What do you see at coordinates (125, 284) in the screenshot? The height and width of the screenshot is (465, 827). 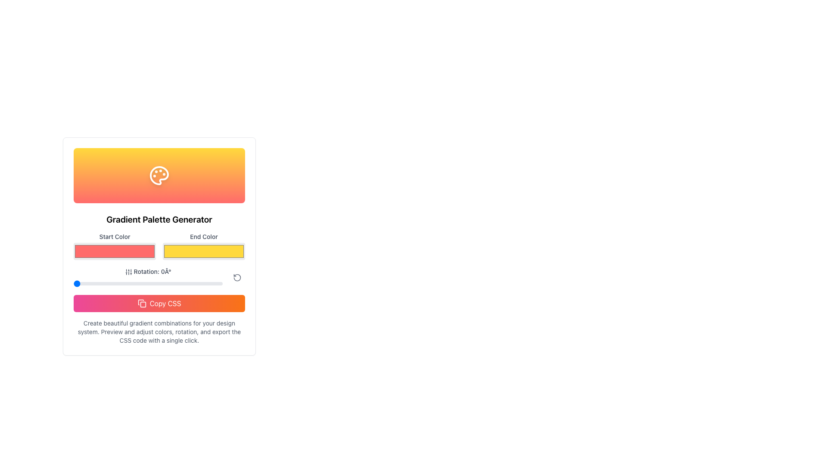 I see `the rotation` at bounding box center [125, 284].